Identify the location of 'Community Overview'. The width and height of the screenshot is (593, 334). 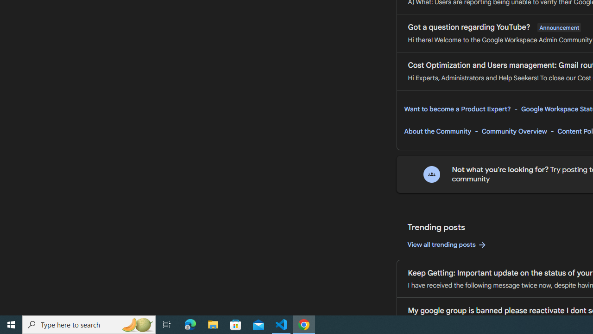
(514, 131).